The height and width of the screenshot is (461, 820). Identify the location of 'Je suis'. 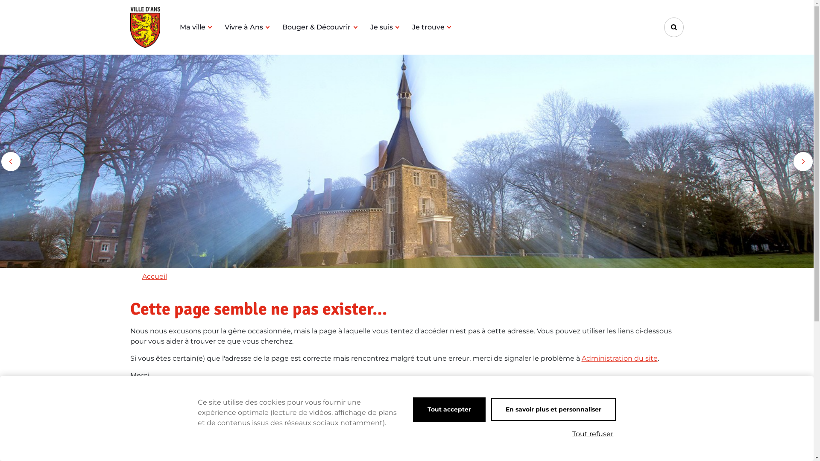
(384, 27).